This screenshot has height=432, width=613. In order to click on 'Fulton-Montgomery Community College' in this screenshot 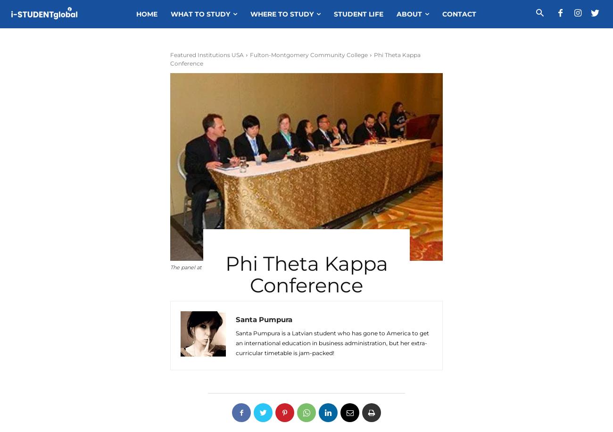, I will do `click(308, 55)`.